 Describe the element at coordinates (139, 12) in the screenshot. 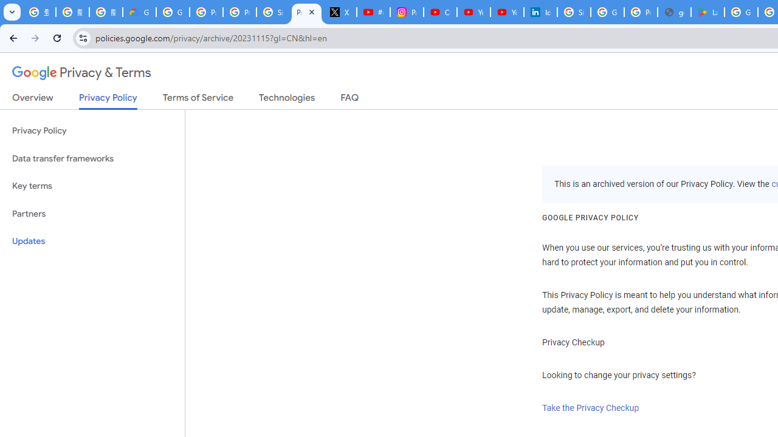

I see `'Google Cloud Privacy Notice'` at that location.